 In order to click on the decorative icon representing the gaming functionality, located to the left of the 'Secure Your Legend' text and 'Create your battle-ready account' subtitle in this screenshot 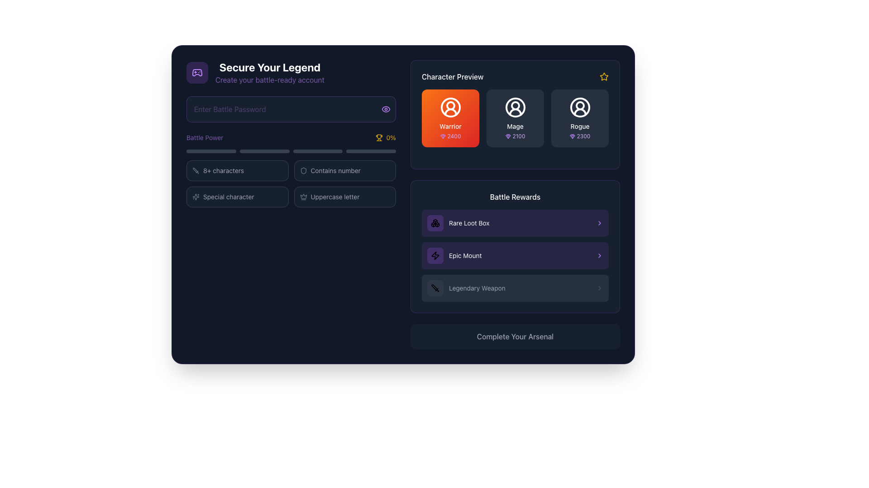, I will do `click(197, 72)`.